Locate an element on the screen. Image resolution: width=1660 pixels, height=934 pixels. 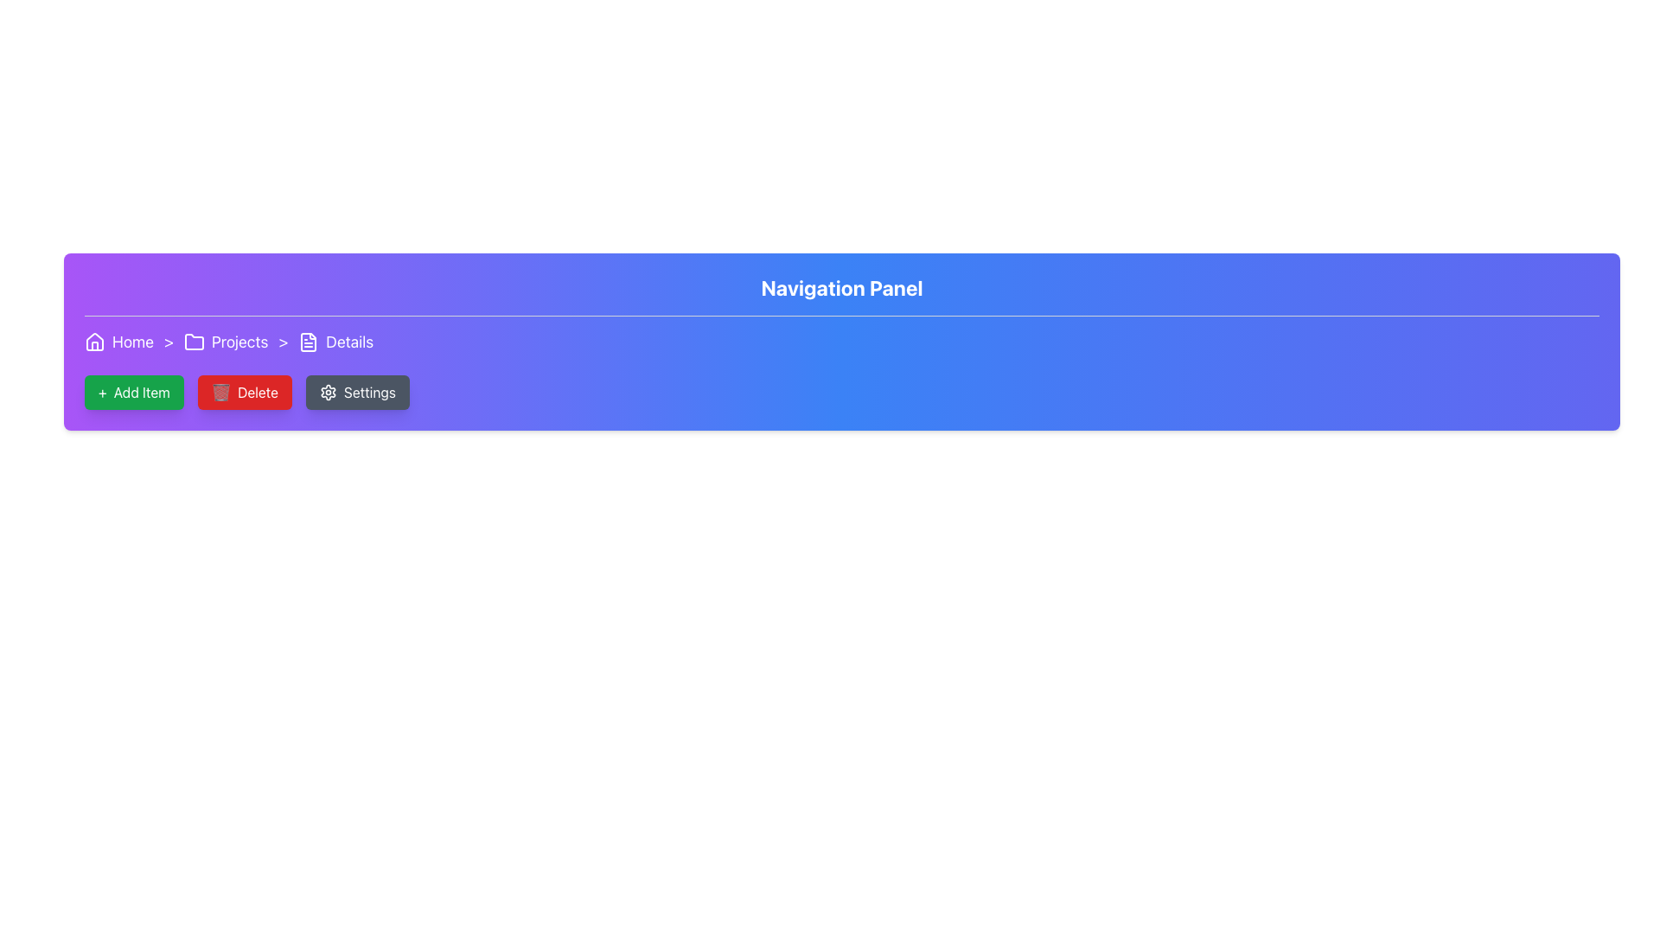
the 'Home' icon located in the top navigation bar is located at coordinates (94, 342).